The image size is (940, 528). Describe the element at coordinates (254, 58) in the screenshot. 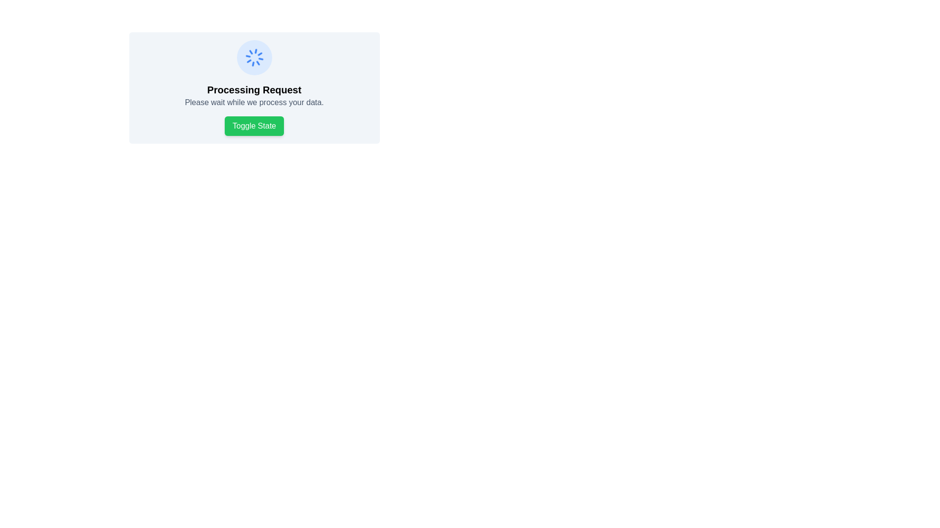

I see `the loading spinner, which is a circular indicator with a blue background and a spinning graphic in the center, indicating background processing` at that location.